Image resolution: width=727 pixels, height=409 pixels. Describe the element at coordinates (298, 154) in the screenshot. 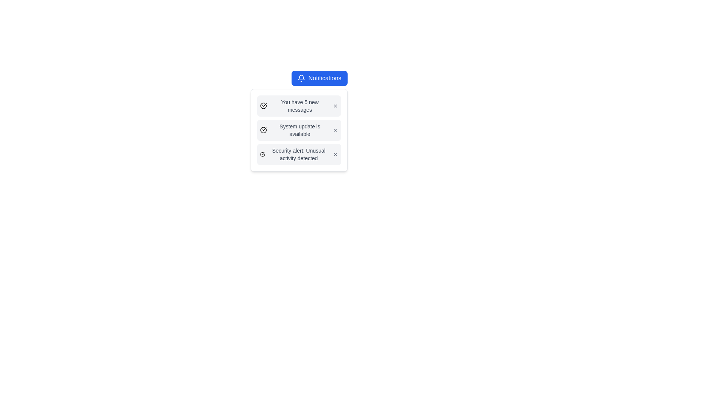

I see `text label displaying the alert message 'Security alert: Unusual activity detected' which is located inside the third notification card in the interface` at that location.